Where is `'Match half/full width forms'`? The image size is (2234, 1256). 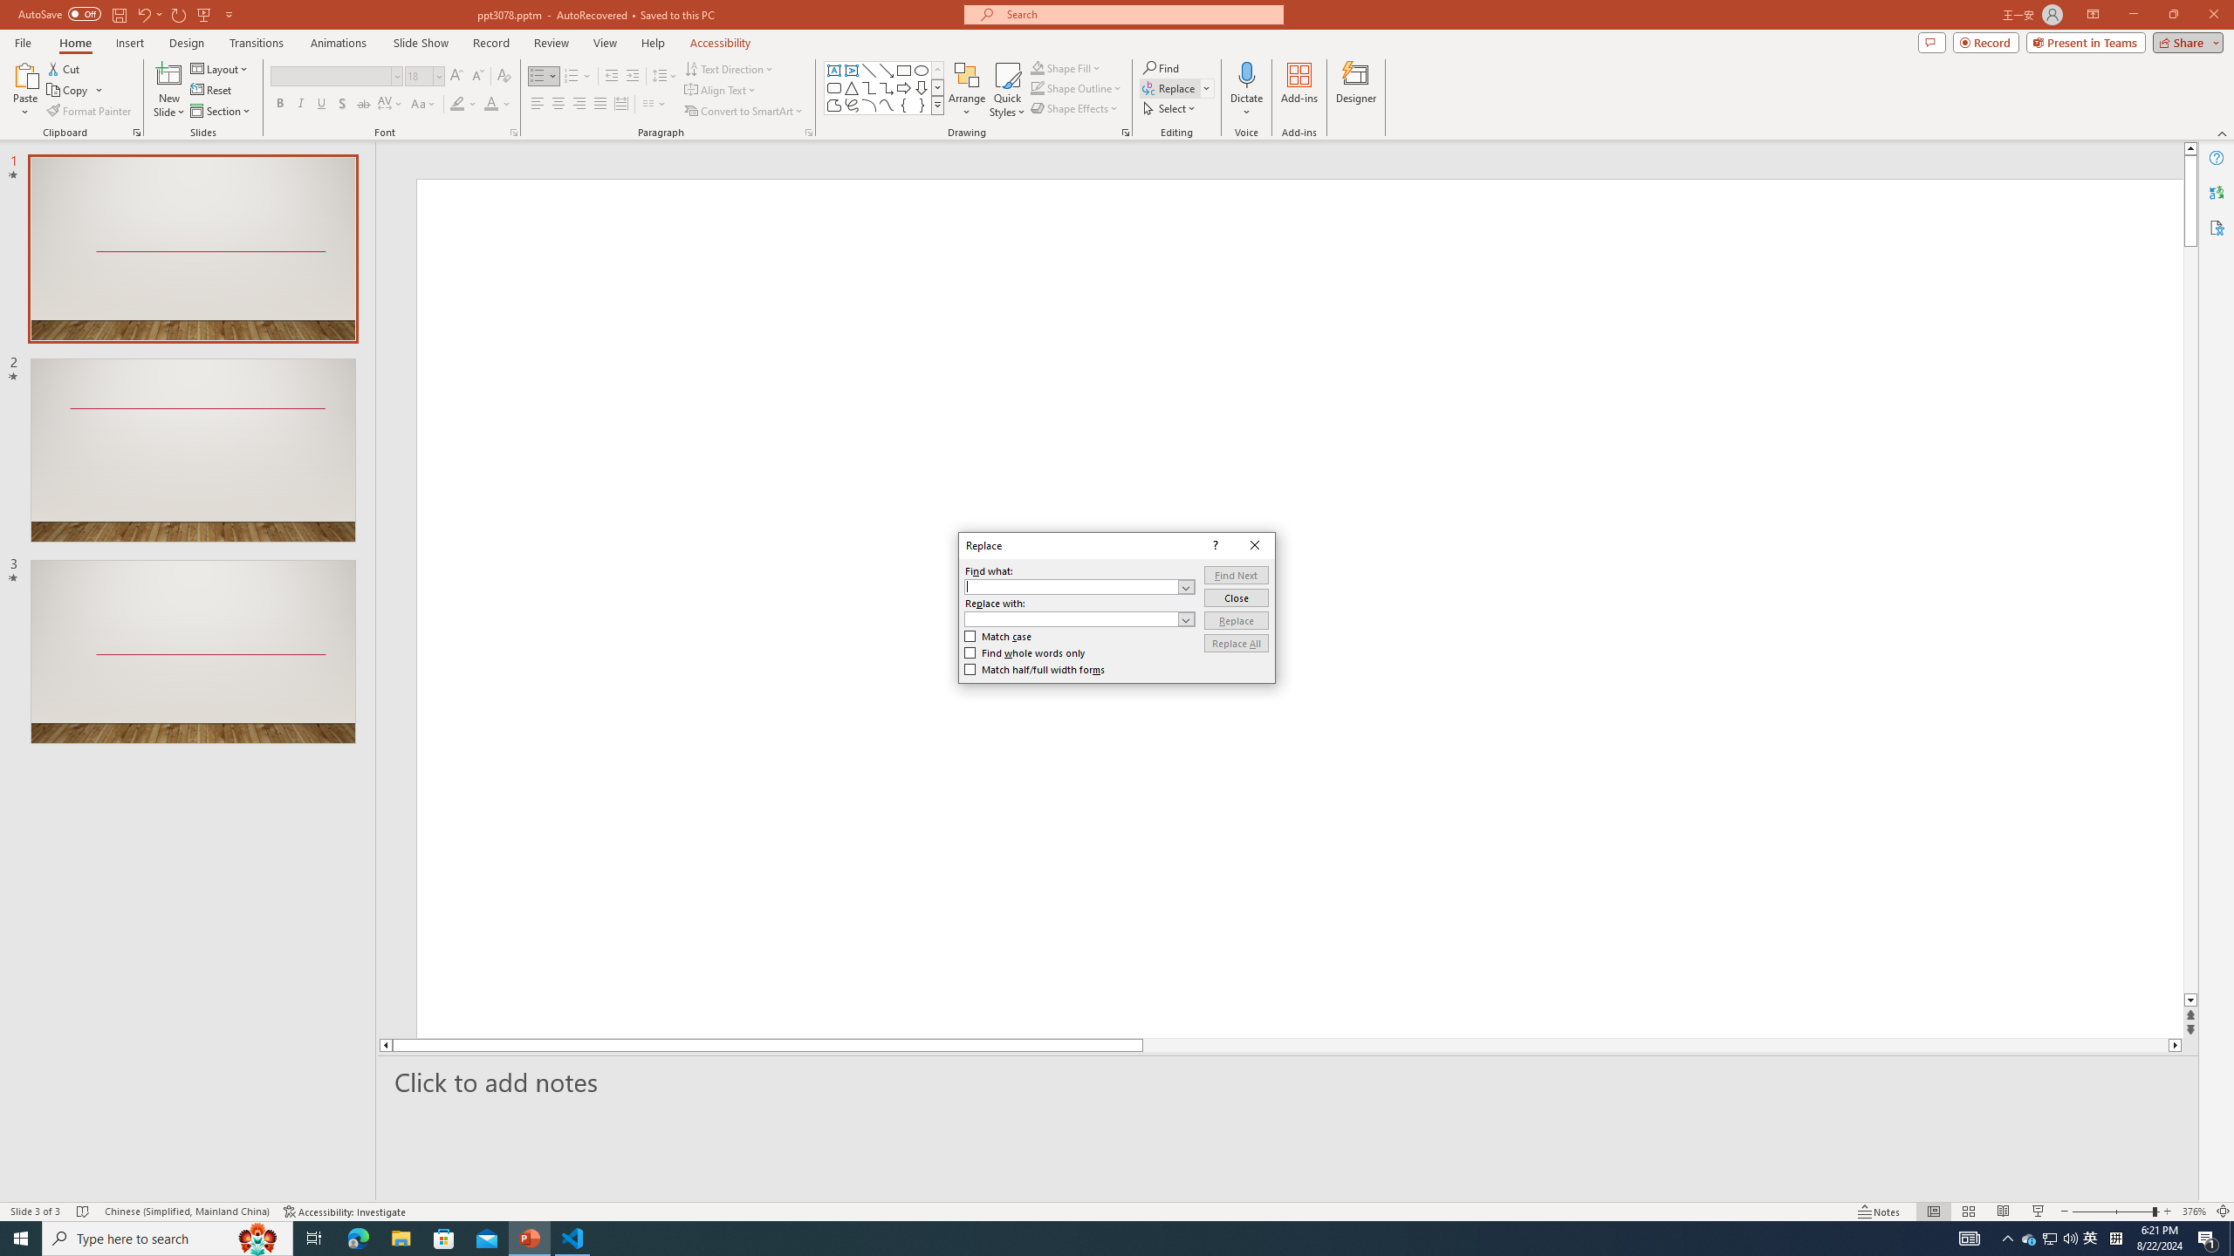
'Match half/full width forms' is located at coordinates (1035, 669).